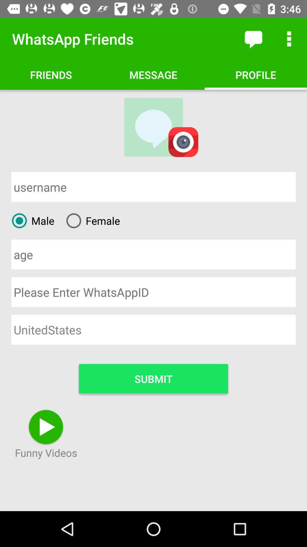 This screenshot has height=547, width=307. I want to click on icon above the text funny videos, so click(45, 427).